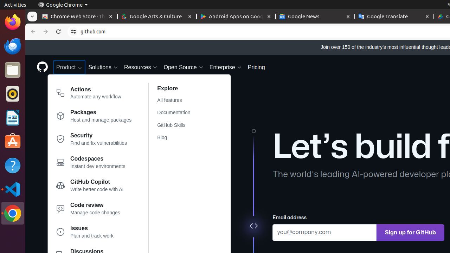 This screenshot has width=450, height=253. I want to click on 'Thunderbird Mail', so click(12, 46).